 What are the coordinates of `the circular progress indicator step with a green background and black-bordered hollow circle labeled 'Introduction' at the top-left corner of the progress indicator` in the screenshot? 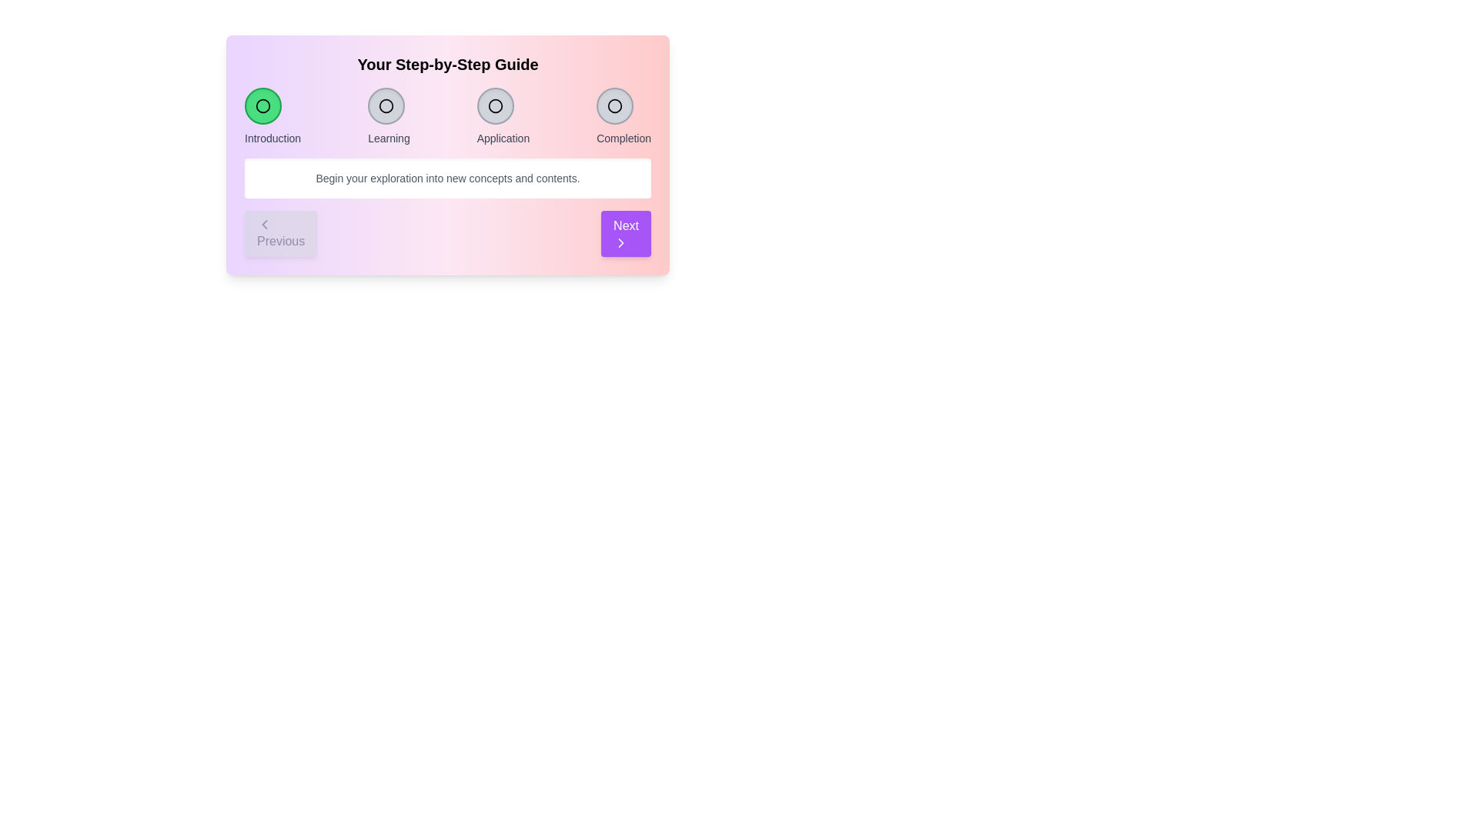 It's located at (273, 115).